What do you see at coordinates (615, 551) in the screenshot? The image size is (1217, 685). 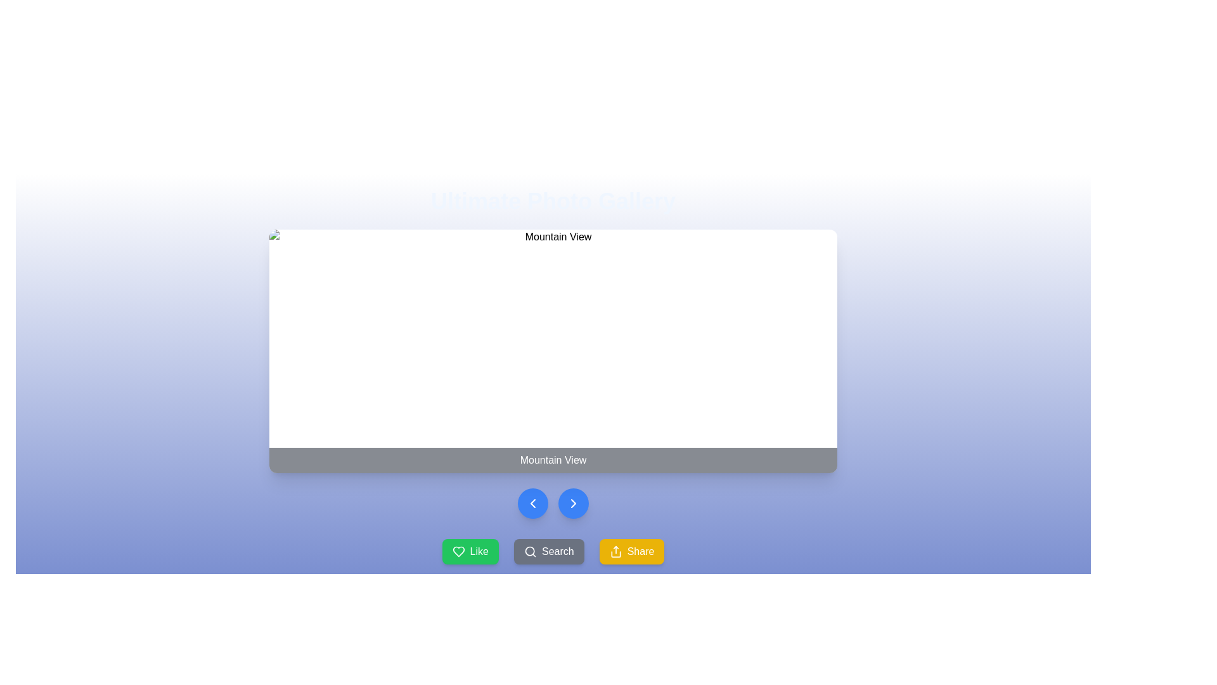 I see `the 'Share' button which contains the white share icon with an upward arrow on a yellow circular background, located on the far right among three buttons at the bottom of the interface` at bounding box center [615, 551].